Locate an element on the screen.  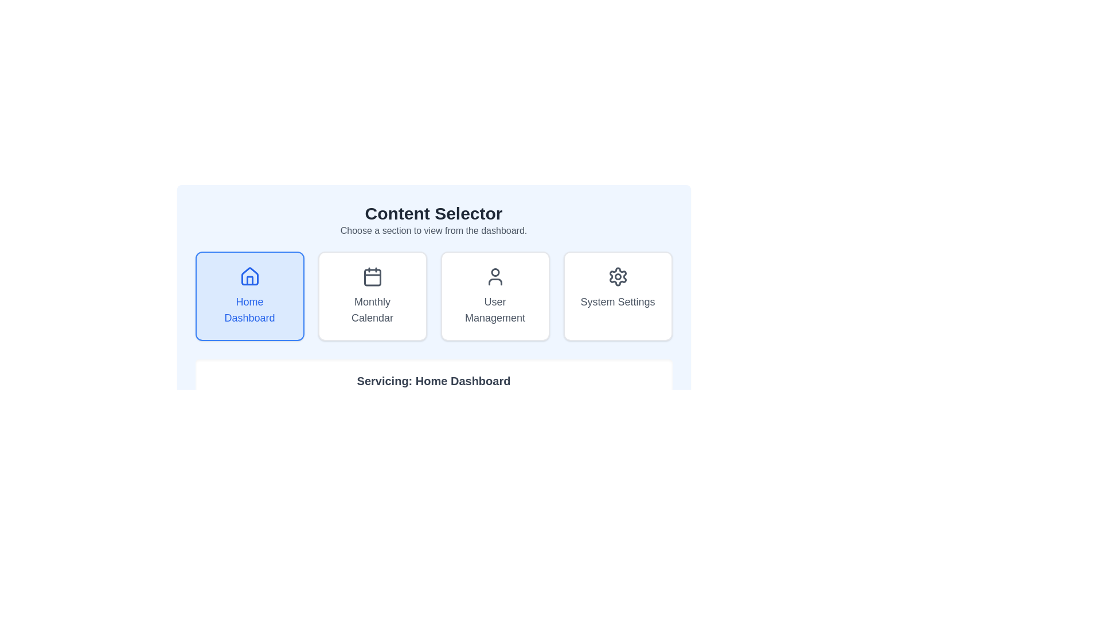
the circular dot located at the center of the gear icon in the 'System Settings' section, which is positioned to the far right of the 'Content Selector' options is located at coordinates (617, 276).